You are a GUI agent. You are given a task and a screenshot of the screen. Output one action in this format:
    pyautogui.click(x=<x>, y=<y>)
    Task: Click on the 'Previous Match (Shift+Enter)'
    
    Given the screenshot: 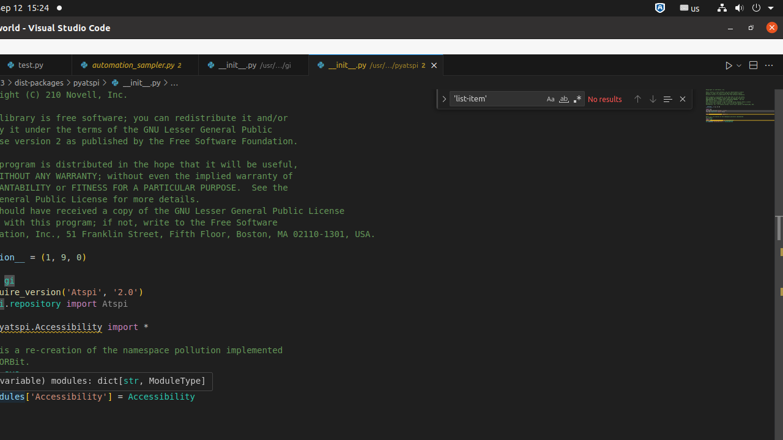 What is the action you would take?
    pyautogui.click(x=637, y=98)
    